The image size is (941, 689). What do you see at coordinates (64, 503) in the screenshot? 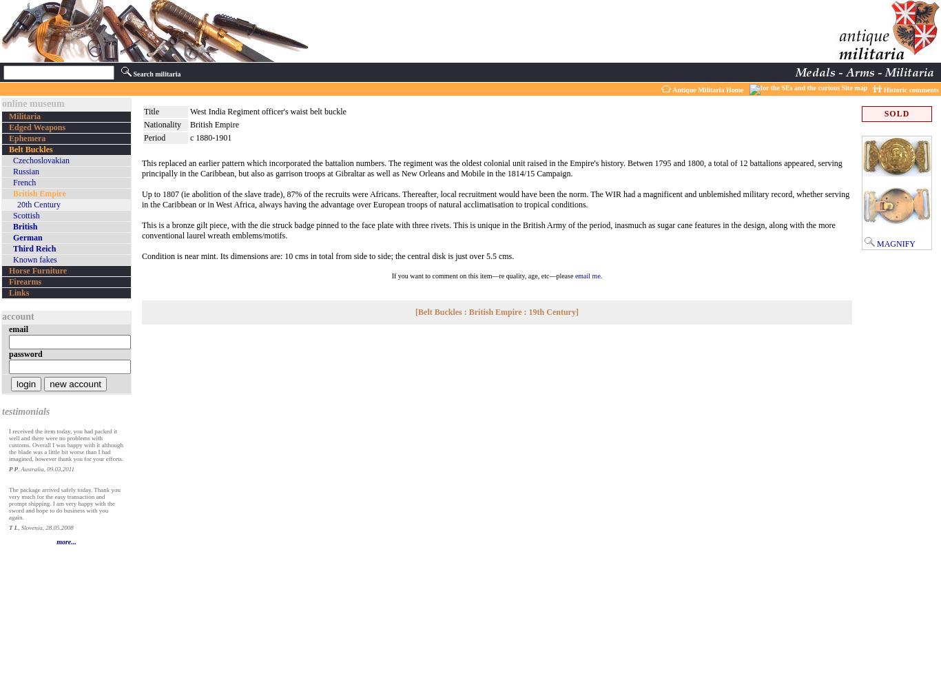
I see `'The package arrived safely today. Thank you very much for the easy transaction and prompt shipping. I am very happy with the sword and hope to do business with you again.'` at bounding box center [64, 503].